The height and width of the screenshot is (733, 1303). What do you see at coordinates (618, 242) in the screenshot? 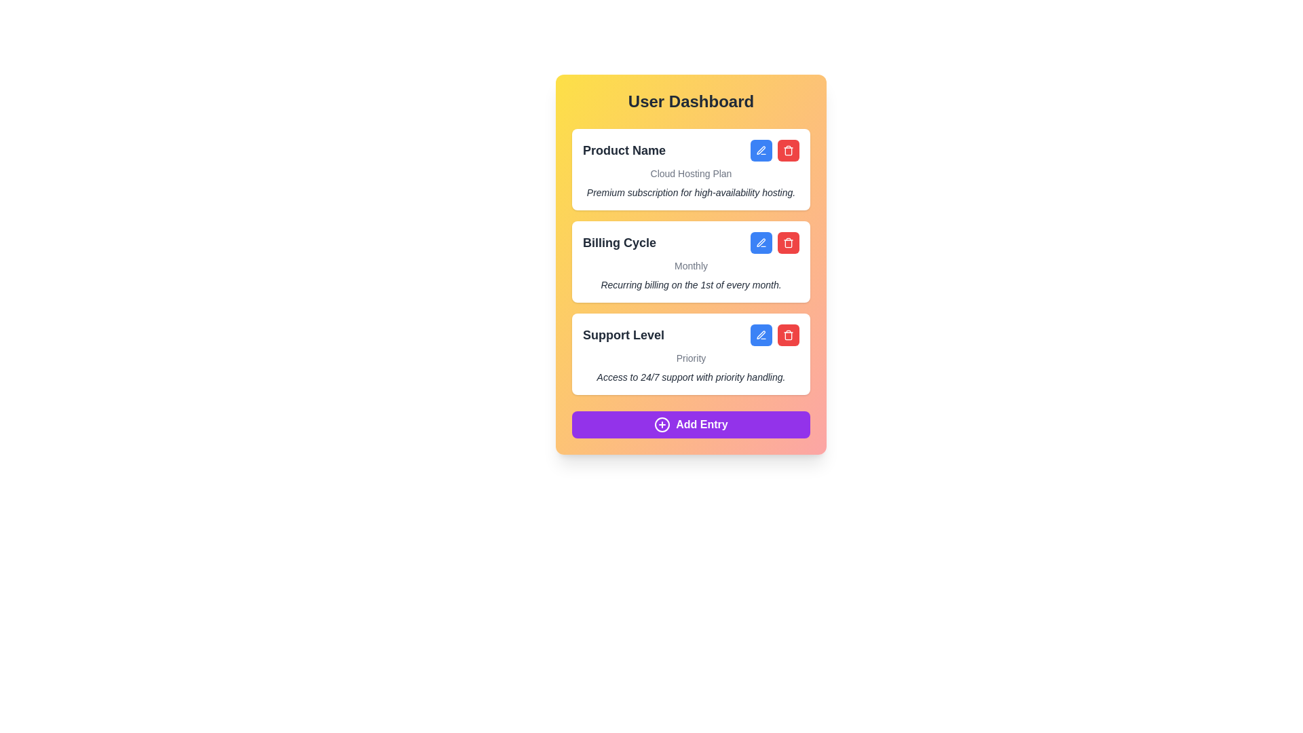
I see `the 'Billing Cycle' text label, which is styled with a larger font size and bold weight, located in the second section of the user dashboard card under 'Product Name'` at bounding box center [618, 242].